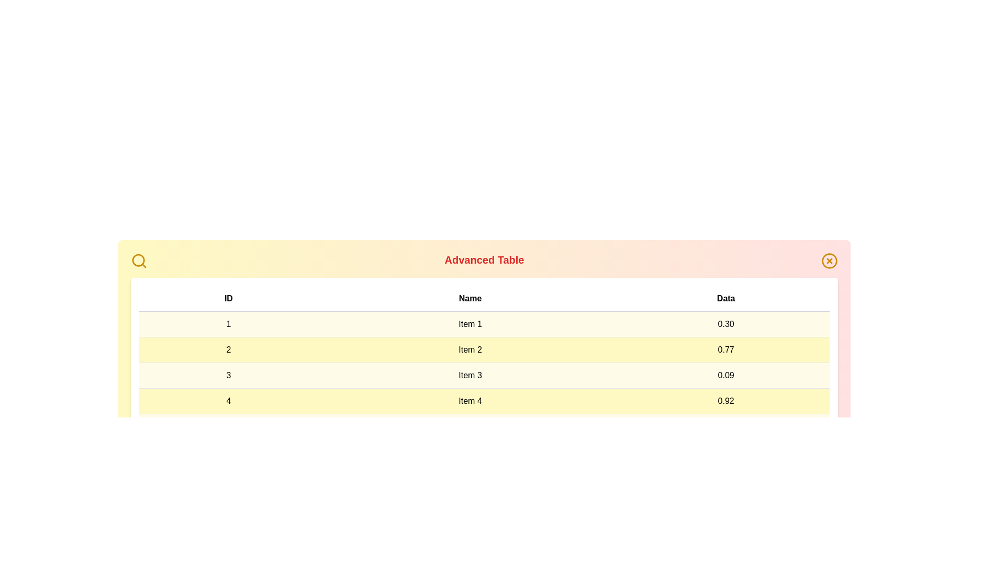  What do you see at coordinates (725, 299) in the screenshot?
I see `the table header labeled Data to sort the table by that column` at bounding box center [725, 299].